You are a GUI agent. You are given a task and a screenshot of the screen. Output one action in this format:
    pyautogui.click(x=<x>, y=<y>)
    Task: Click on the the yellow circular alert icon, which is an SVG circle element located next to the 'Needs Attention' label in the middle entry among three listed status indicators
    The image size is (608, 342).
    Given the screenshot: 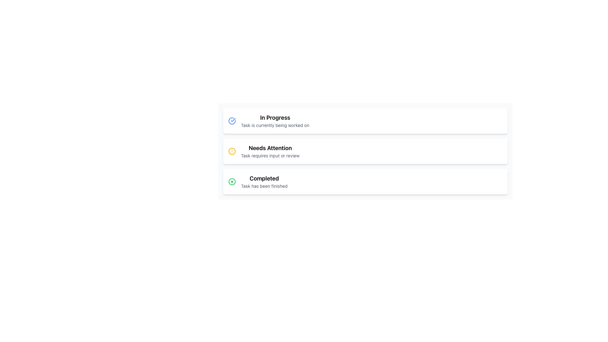 What is the action you would take?
    pyautogui.click(x=232, y=151)
    